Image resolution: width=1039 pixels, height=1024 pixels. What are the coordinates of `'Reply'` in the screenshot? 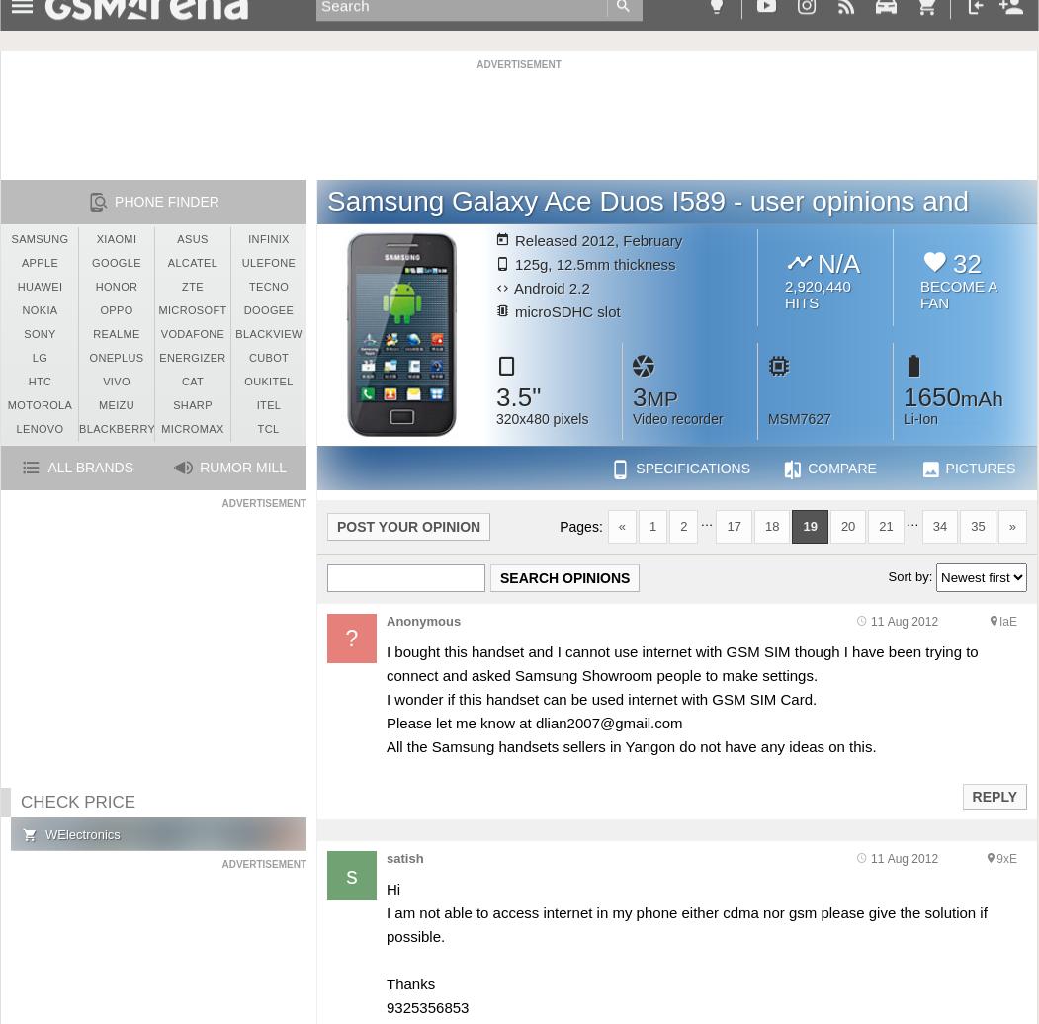 It's located at (995, 797).